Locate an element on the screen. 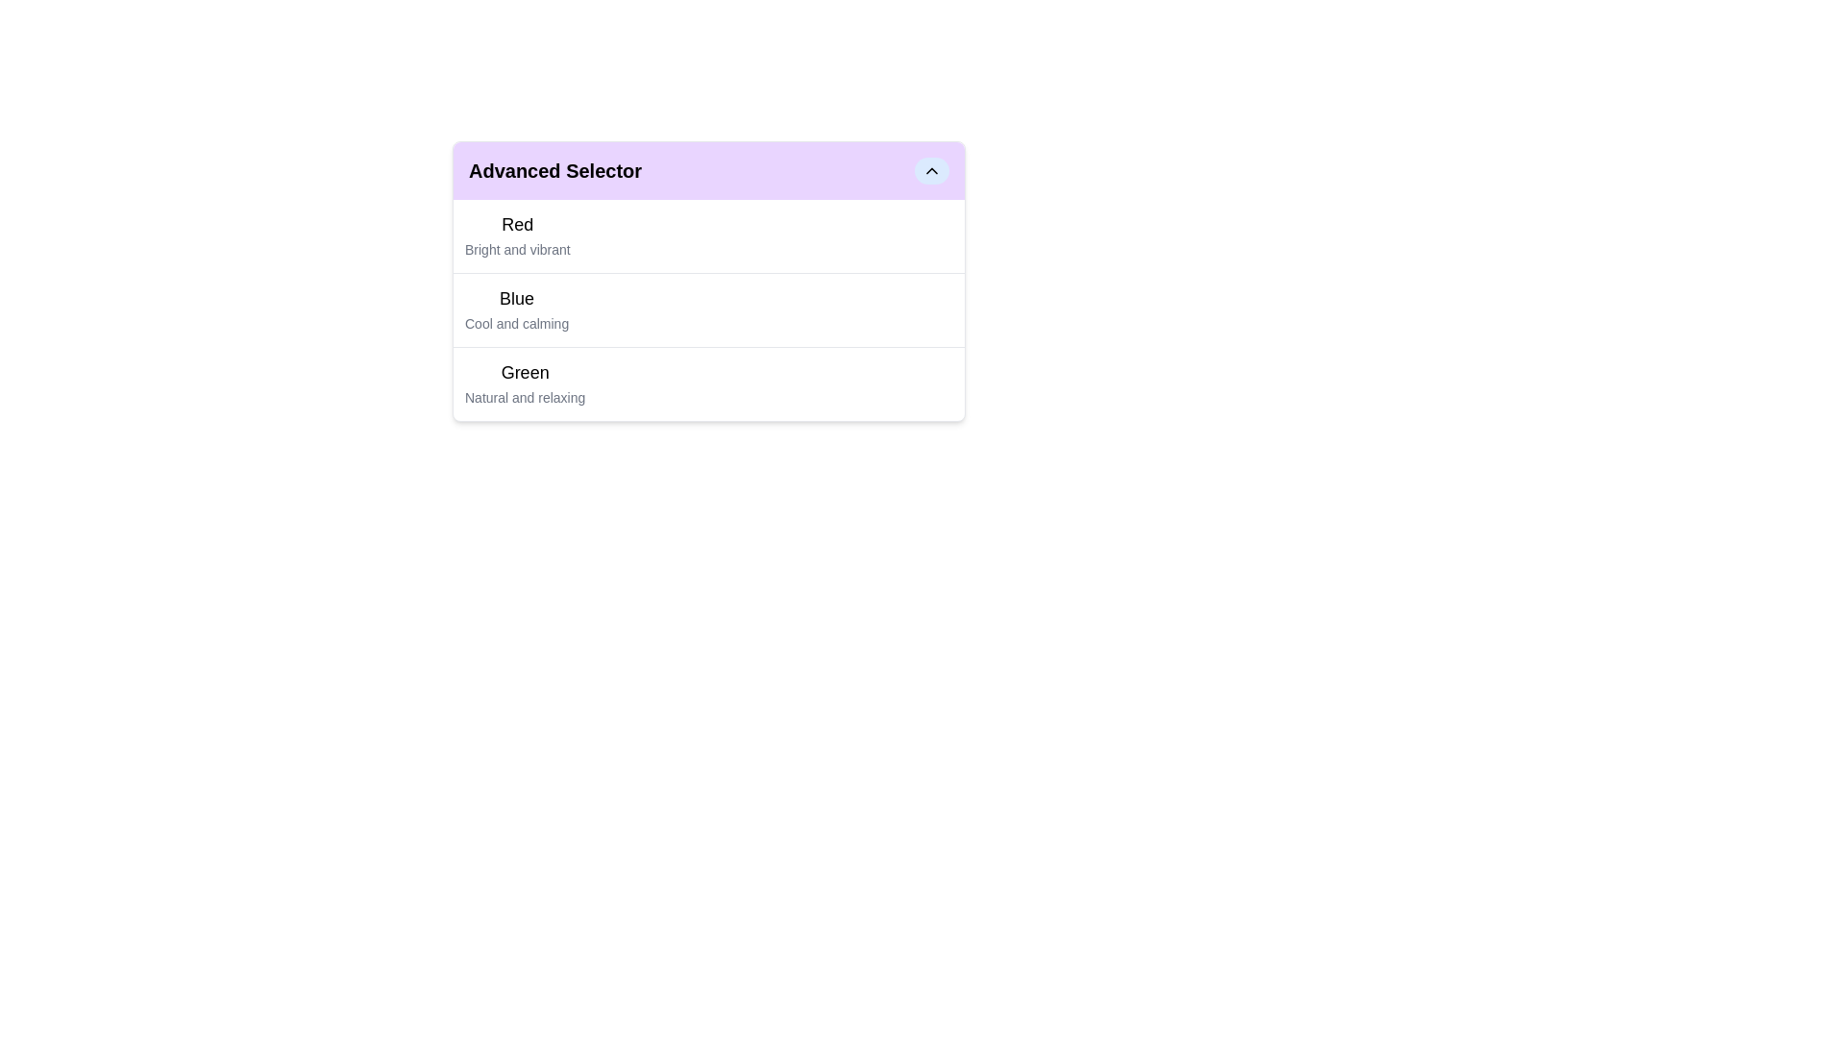 This screenshot has width=1845, height=1038. the selectable option labeled 'Blue' with the subtitle 'Cool and calming', which is the second item in a vertically stacked list is located at coordinates (708, 309).